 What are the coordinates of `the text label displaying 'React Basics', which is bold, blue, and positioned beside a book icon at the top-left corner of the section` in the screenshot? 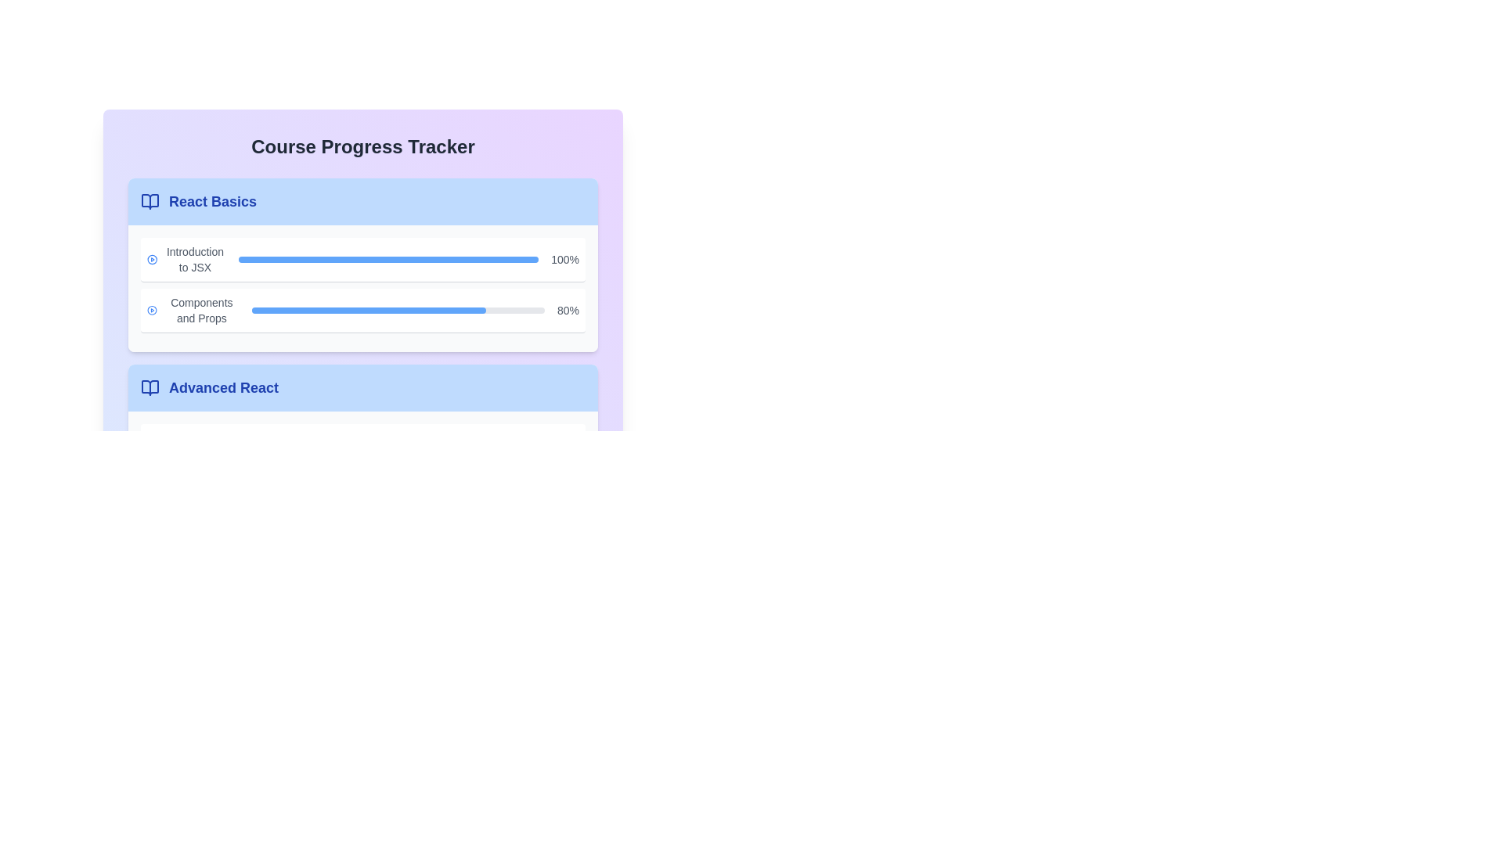 It's located at (212, 201).